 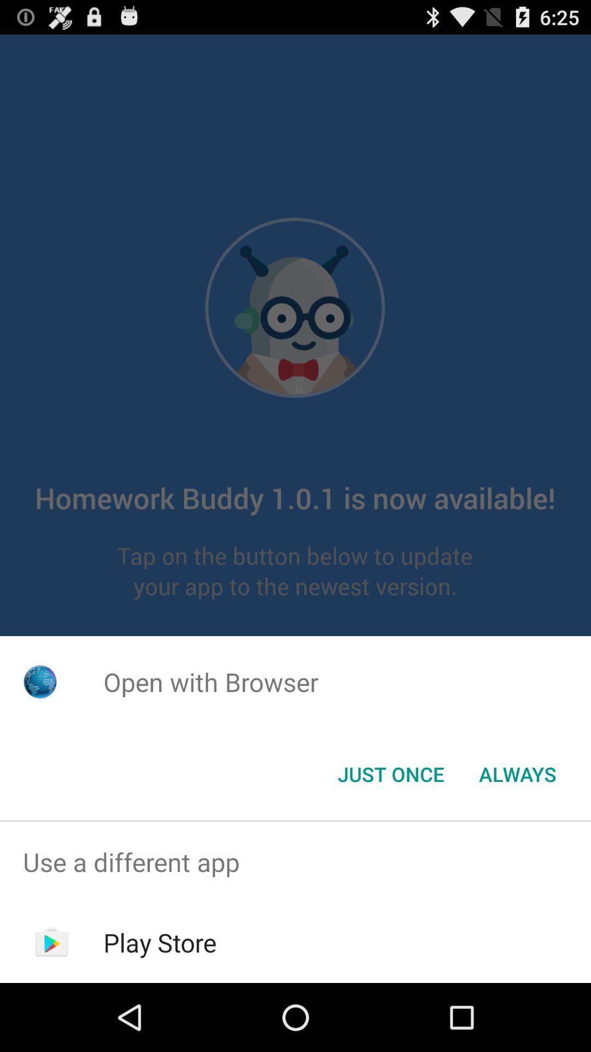 I want to click on the just once item, so click(x=390, y=773).